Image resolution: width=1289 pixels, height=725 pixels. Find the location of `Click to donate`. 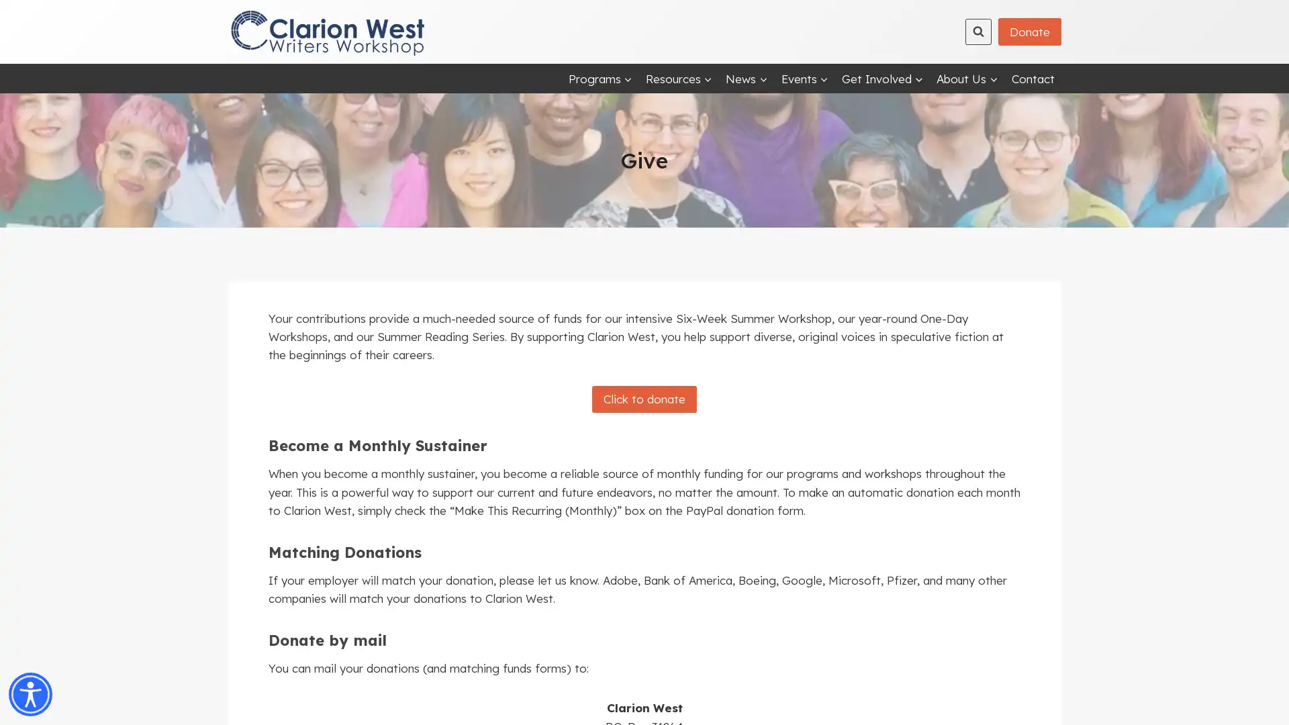

Click to donate is located at coordinates (644, 398).